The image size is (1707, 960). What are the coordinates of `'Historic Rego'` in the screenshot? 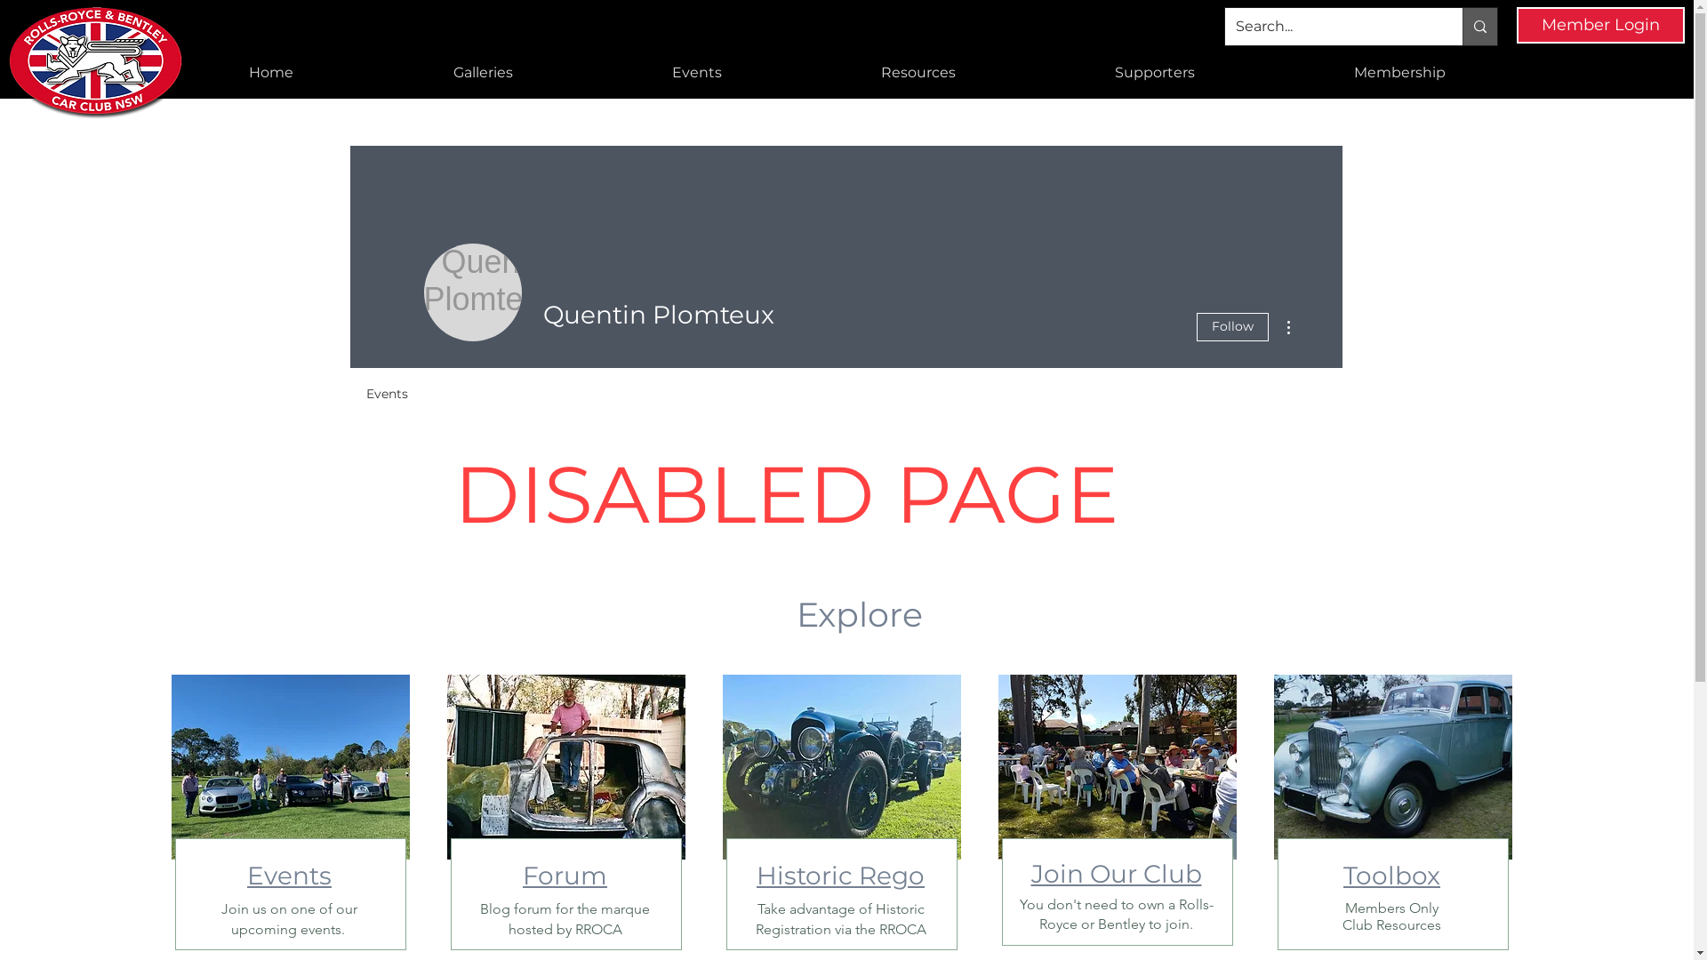 It's located at (839, 874).